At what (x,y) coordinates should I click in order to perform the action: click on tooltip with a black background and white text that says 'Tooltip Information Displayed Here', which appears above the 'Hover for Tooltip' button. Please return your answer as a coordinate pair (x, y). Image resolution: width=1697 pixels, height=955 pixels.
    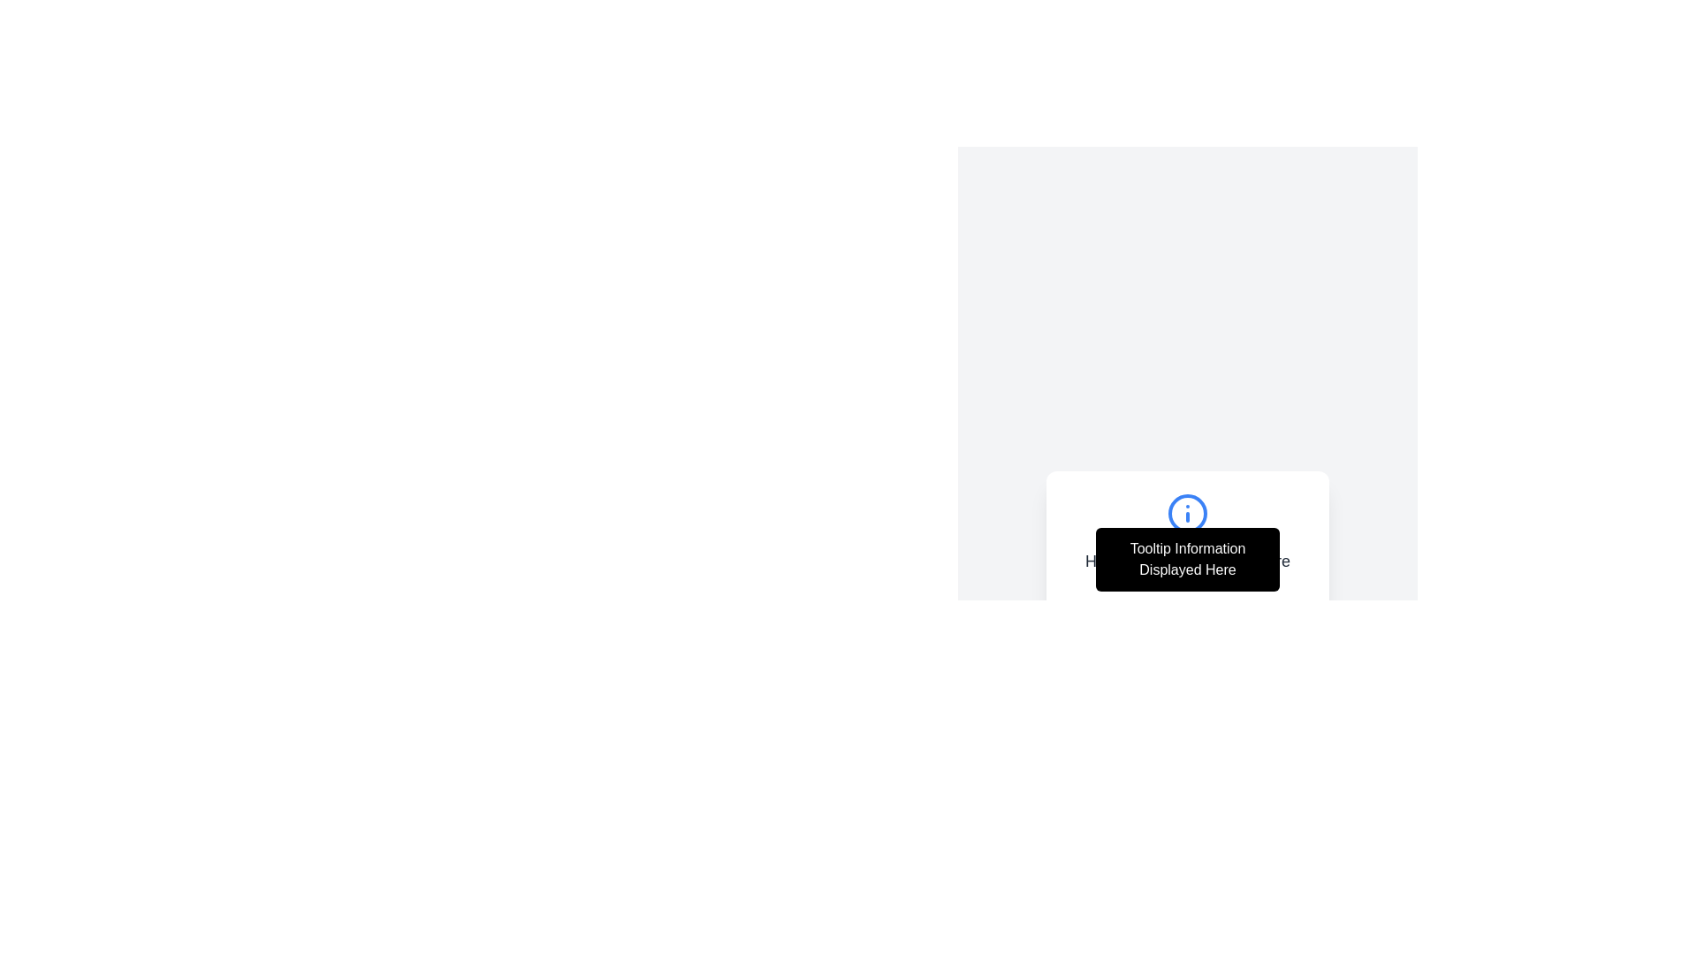
    Looking at the image, I should click on (1188, 559).